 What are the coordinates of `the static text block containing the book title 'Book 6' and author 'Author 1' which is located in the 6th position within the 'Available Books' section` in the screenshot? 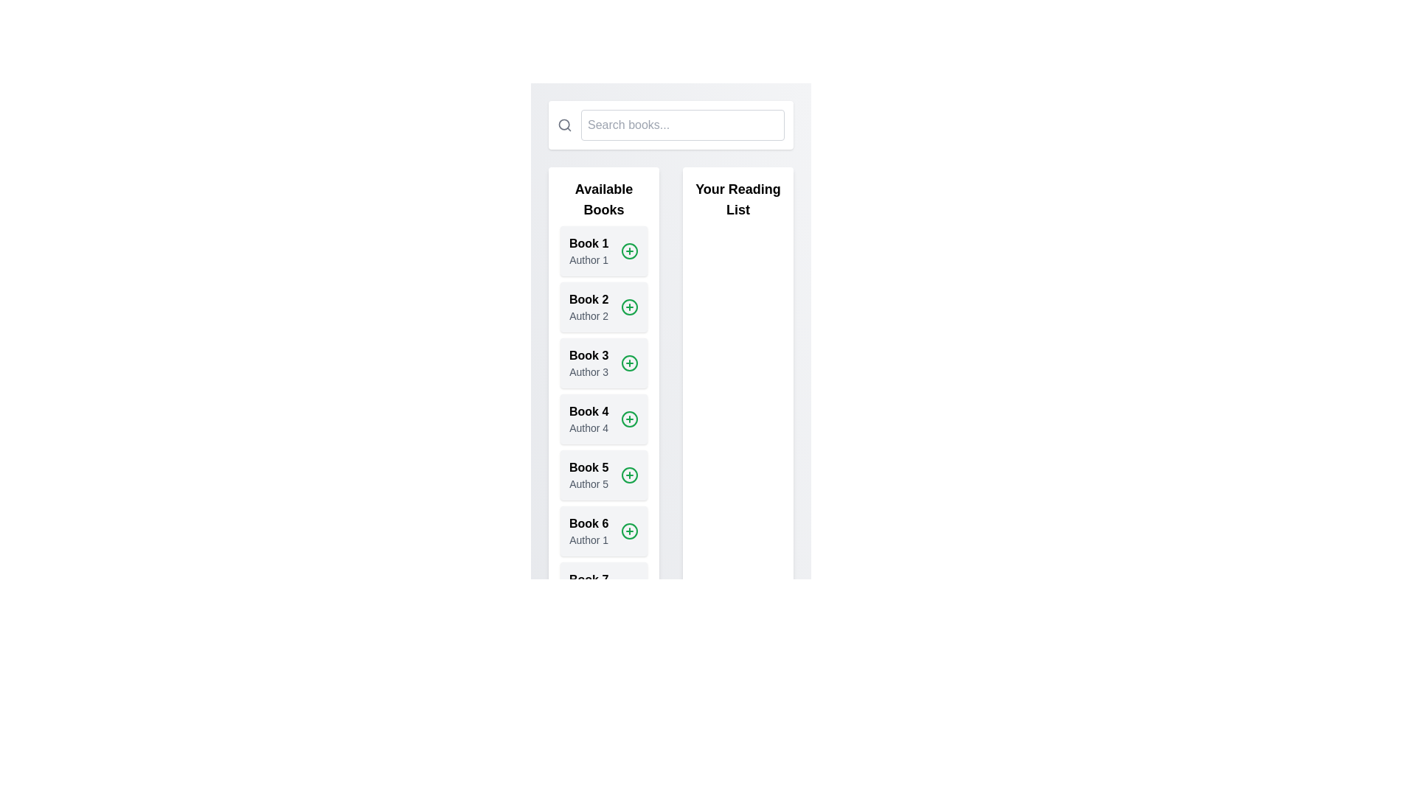 It's located at (588, 531).